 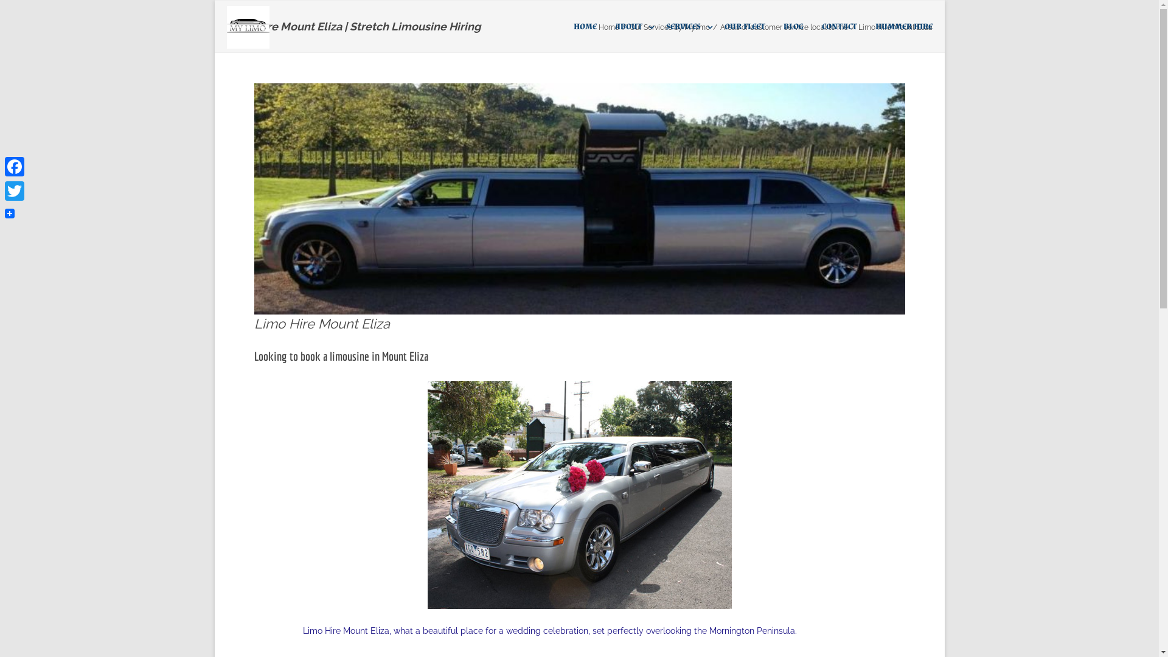 What do you see at coordinates (250, 27) in the screenshot?
I see `'My Limo'` at bounding box center [250, 27].